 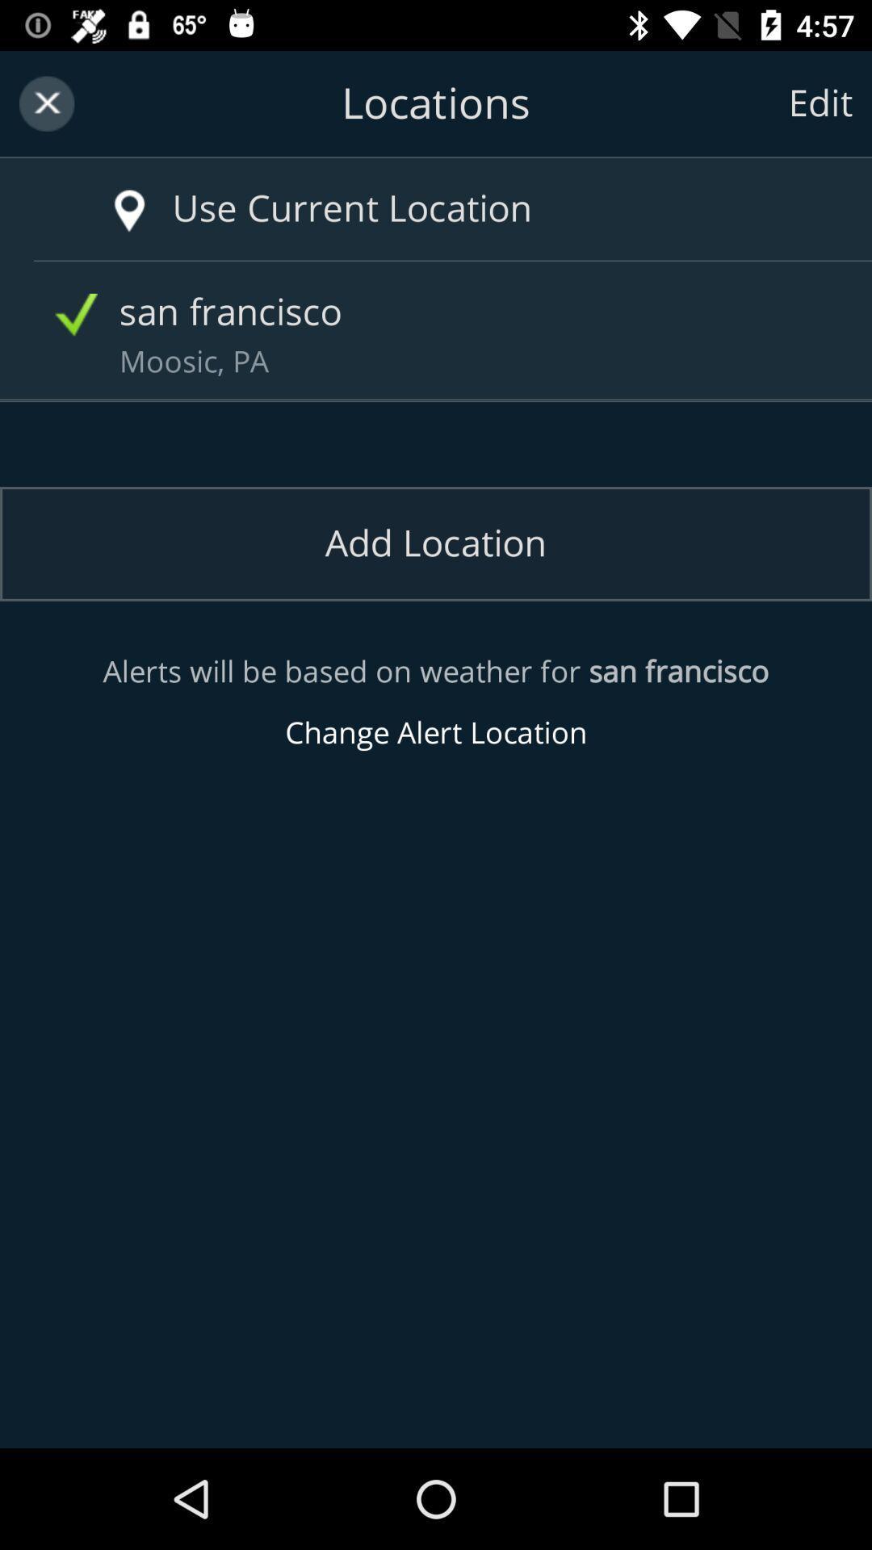 What do you see at coordinates (436, 702) in the screenshot?
I see `alerts will be` at bounding box center [436, 702].